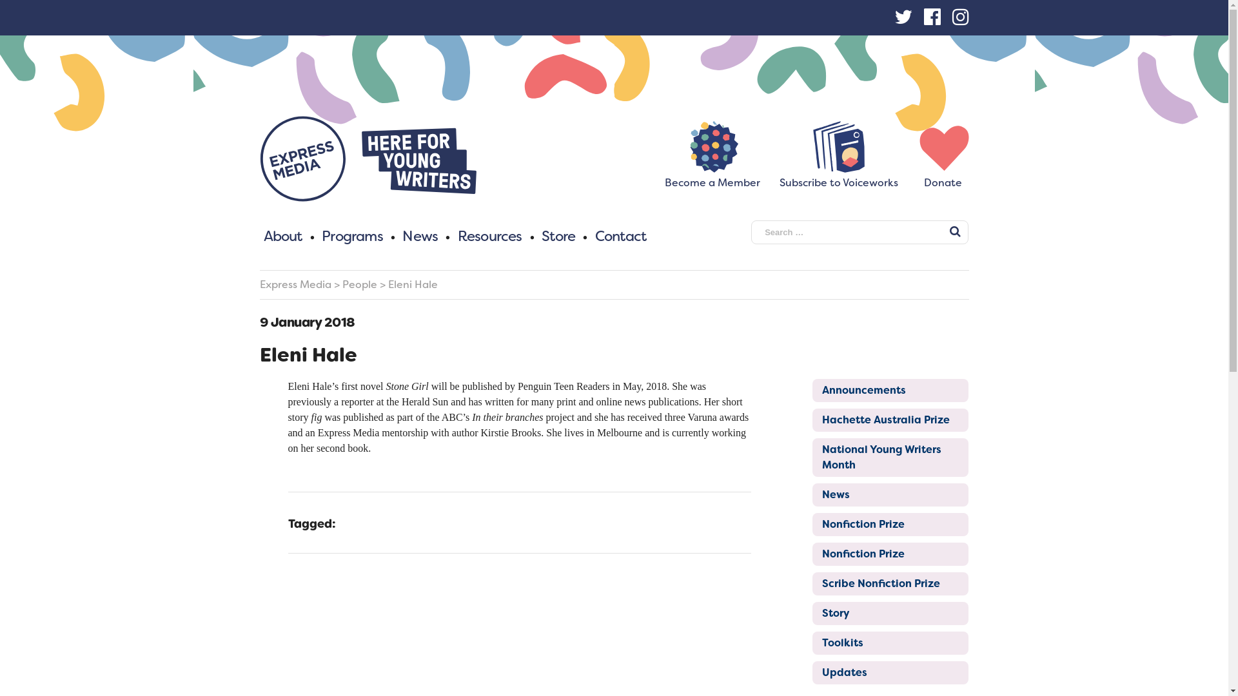  I want to click on 'Resources', so click(489, 236).